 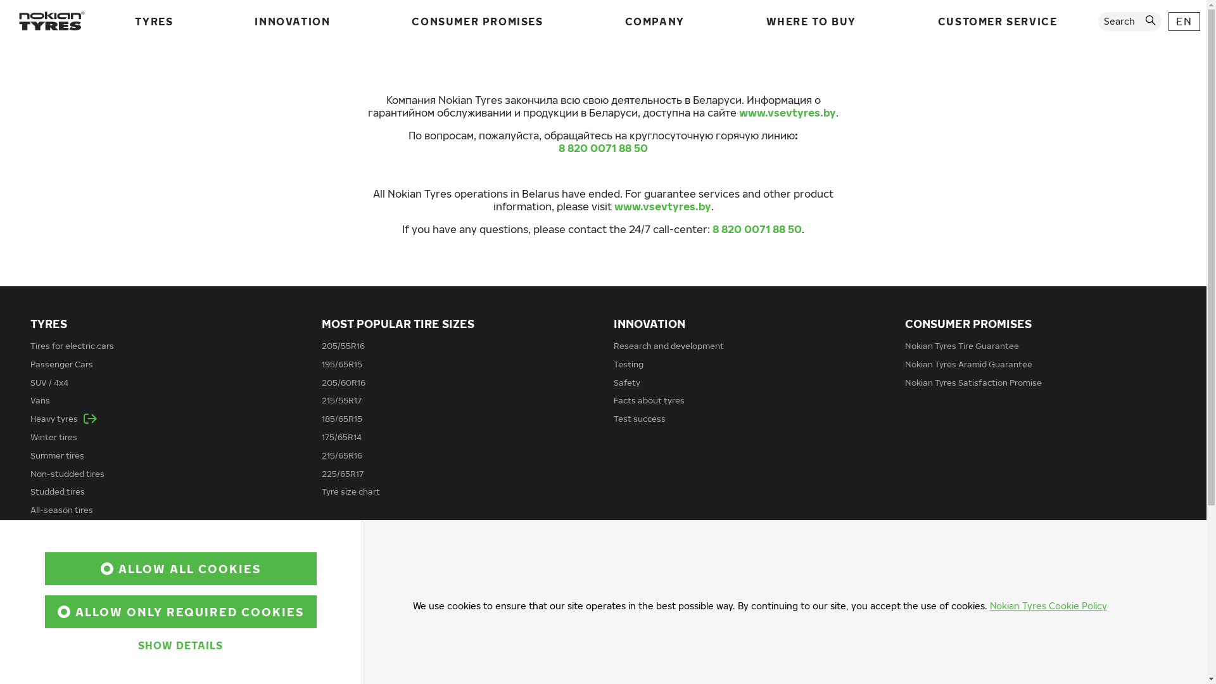 What do you see at coordinates (63, 418) in the screenshot?
I see `'Heavy tyres'` at bounding box center [63, 418].